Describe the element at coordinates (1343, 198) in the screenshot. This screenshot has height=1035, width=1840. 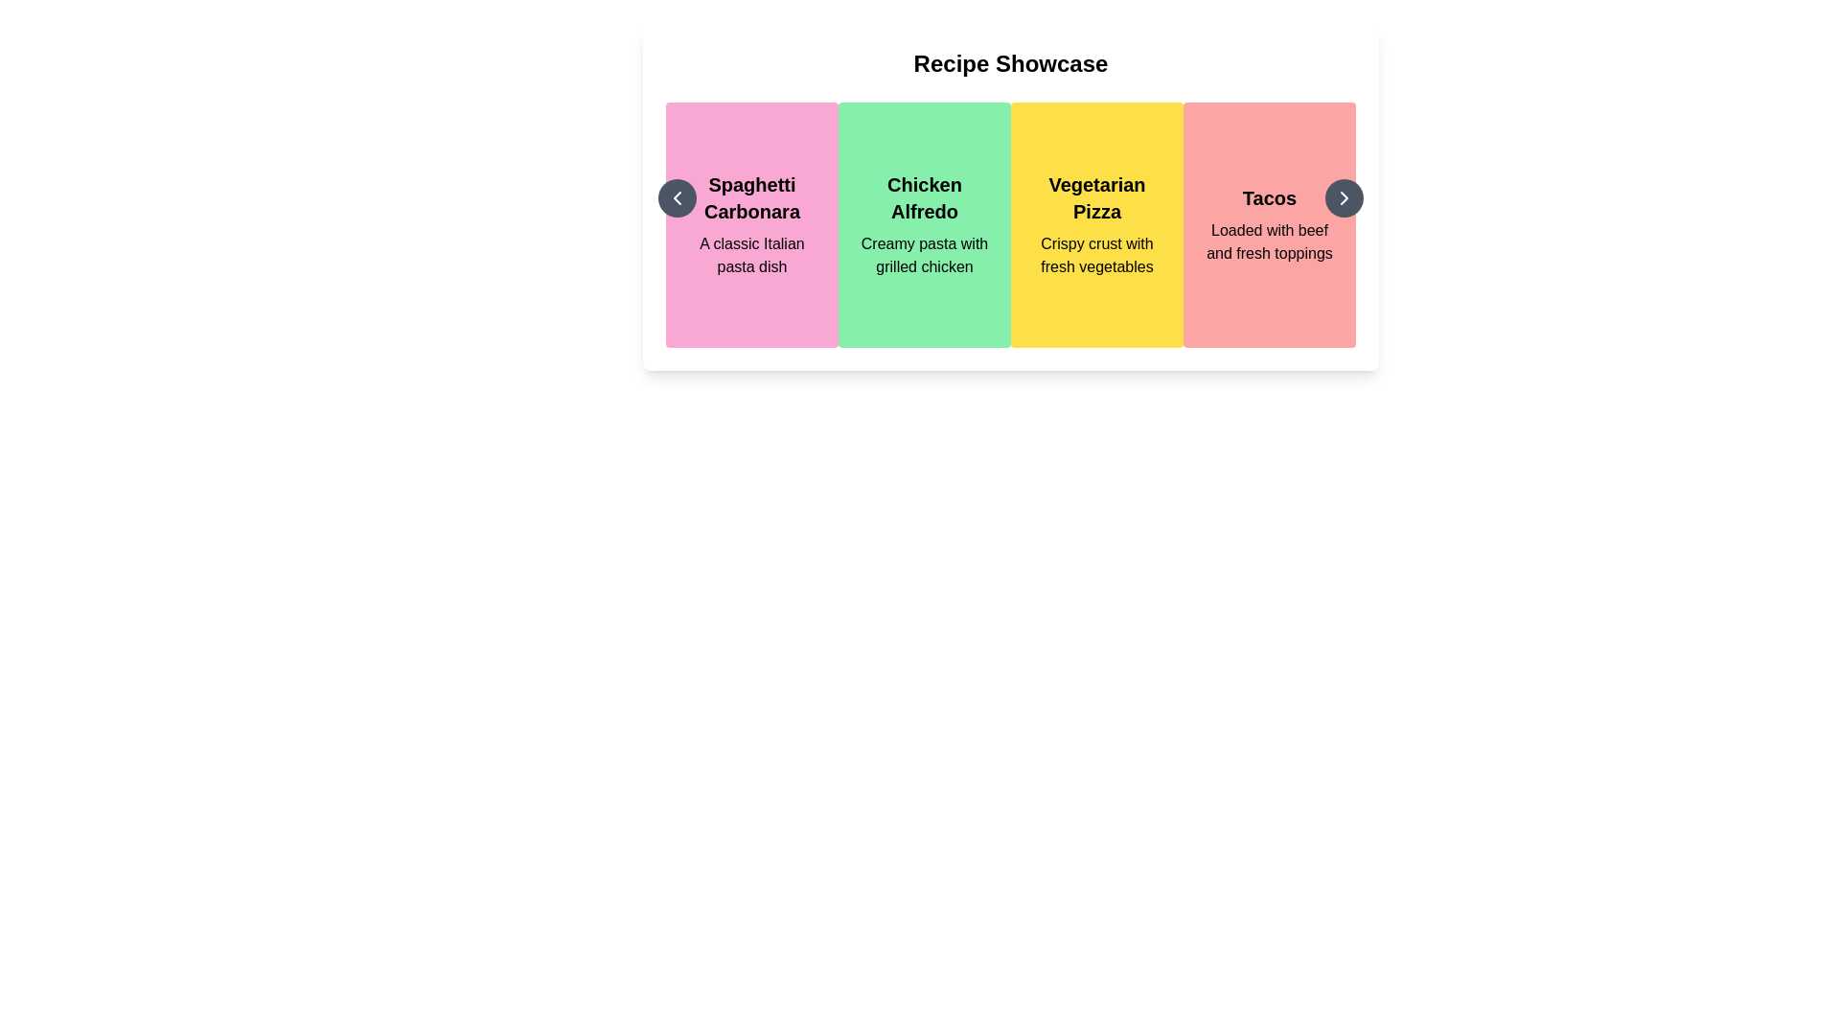
I see `the circular button with a dark gray background and a white rightward arrow icon at its center` at that location.